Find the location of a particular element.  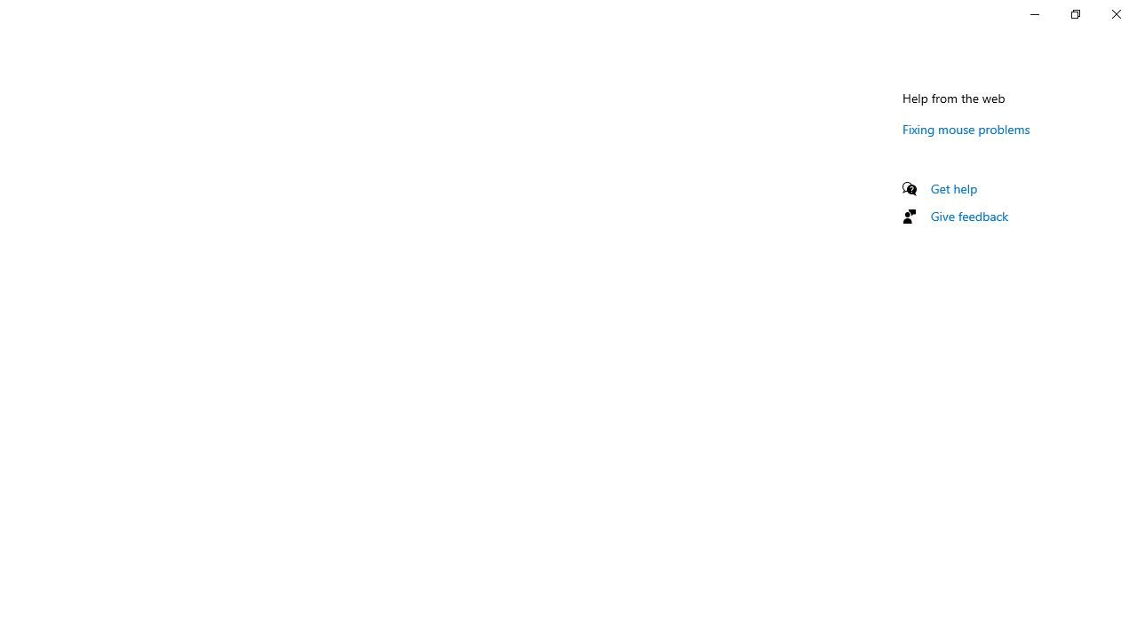

'Minimize Settings' is located at coordinates (1034, 13).